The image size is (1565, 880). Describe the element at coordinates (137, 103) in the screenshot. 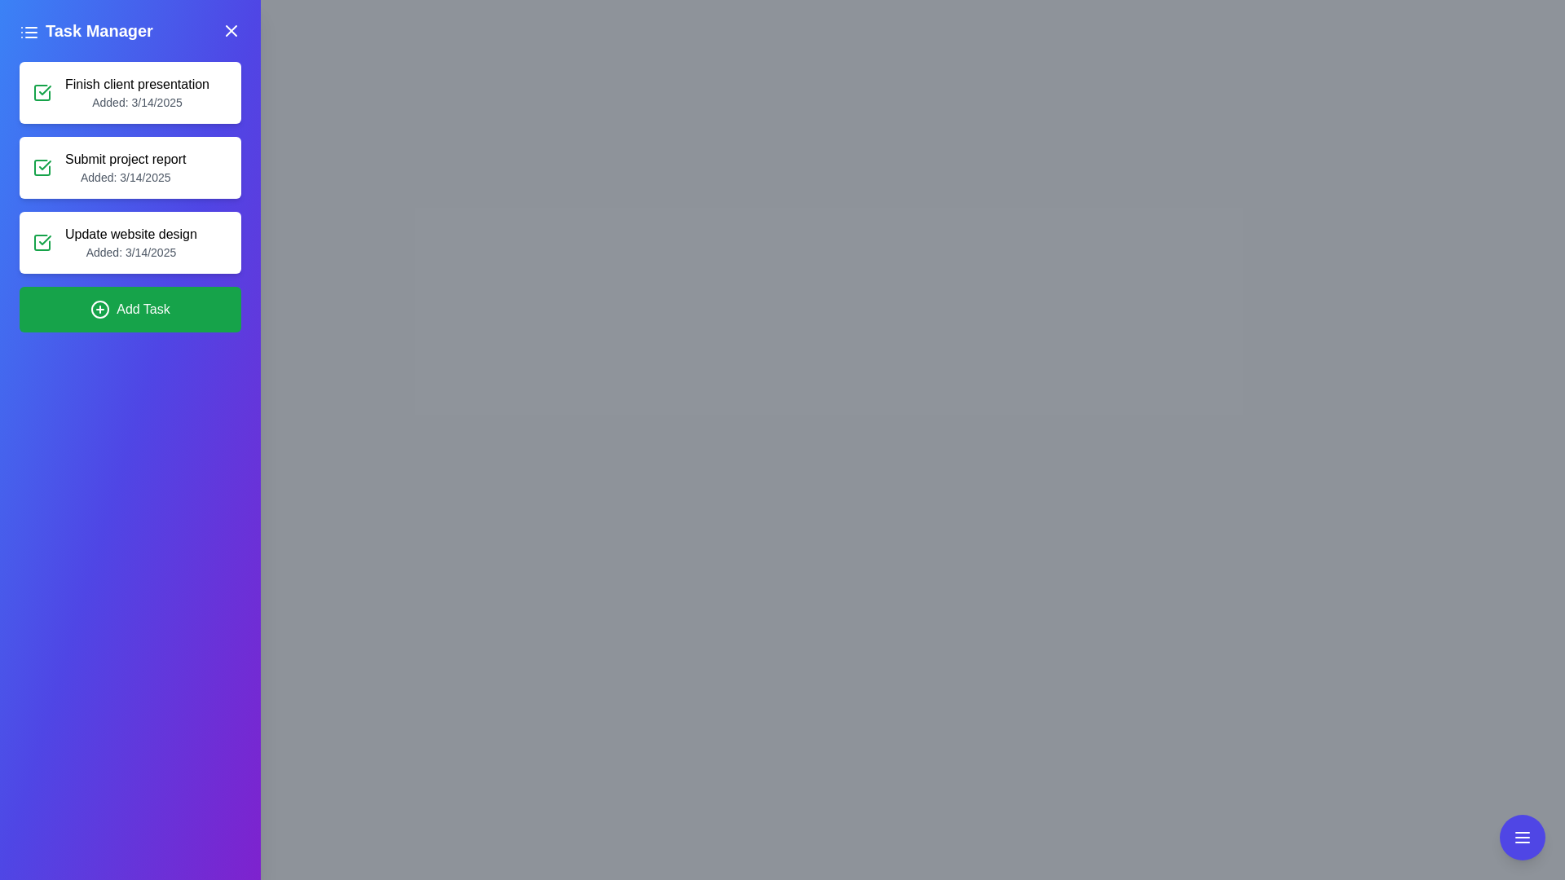

I see `the Text label that displays the date when the associated task was added, located immediately below 'Finish client presentation' in the first task block` at that location.